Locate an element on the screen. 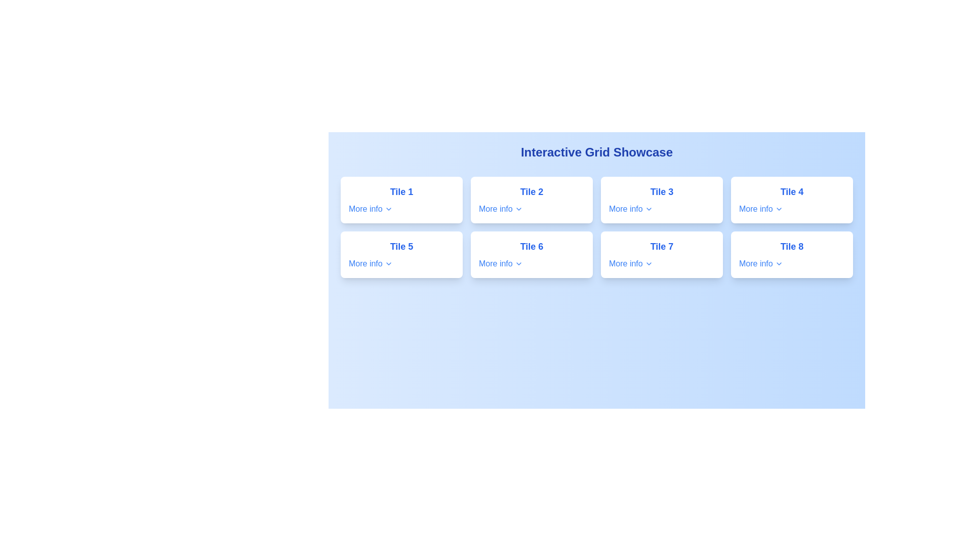  the Text Label that serves as the title for 'Tile 3' to possibly view a tooltip is located at coordinates (662, 191).